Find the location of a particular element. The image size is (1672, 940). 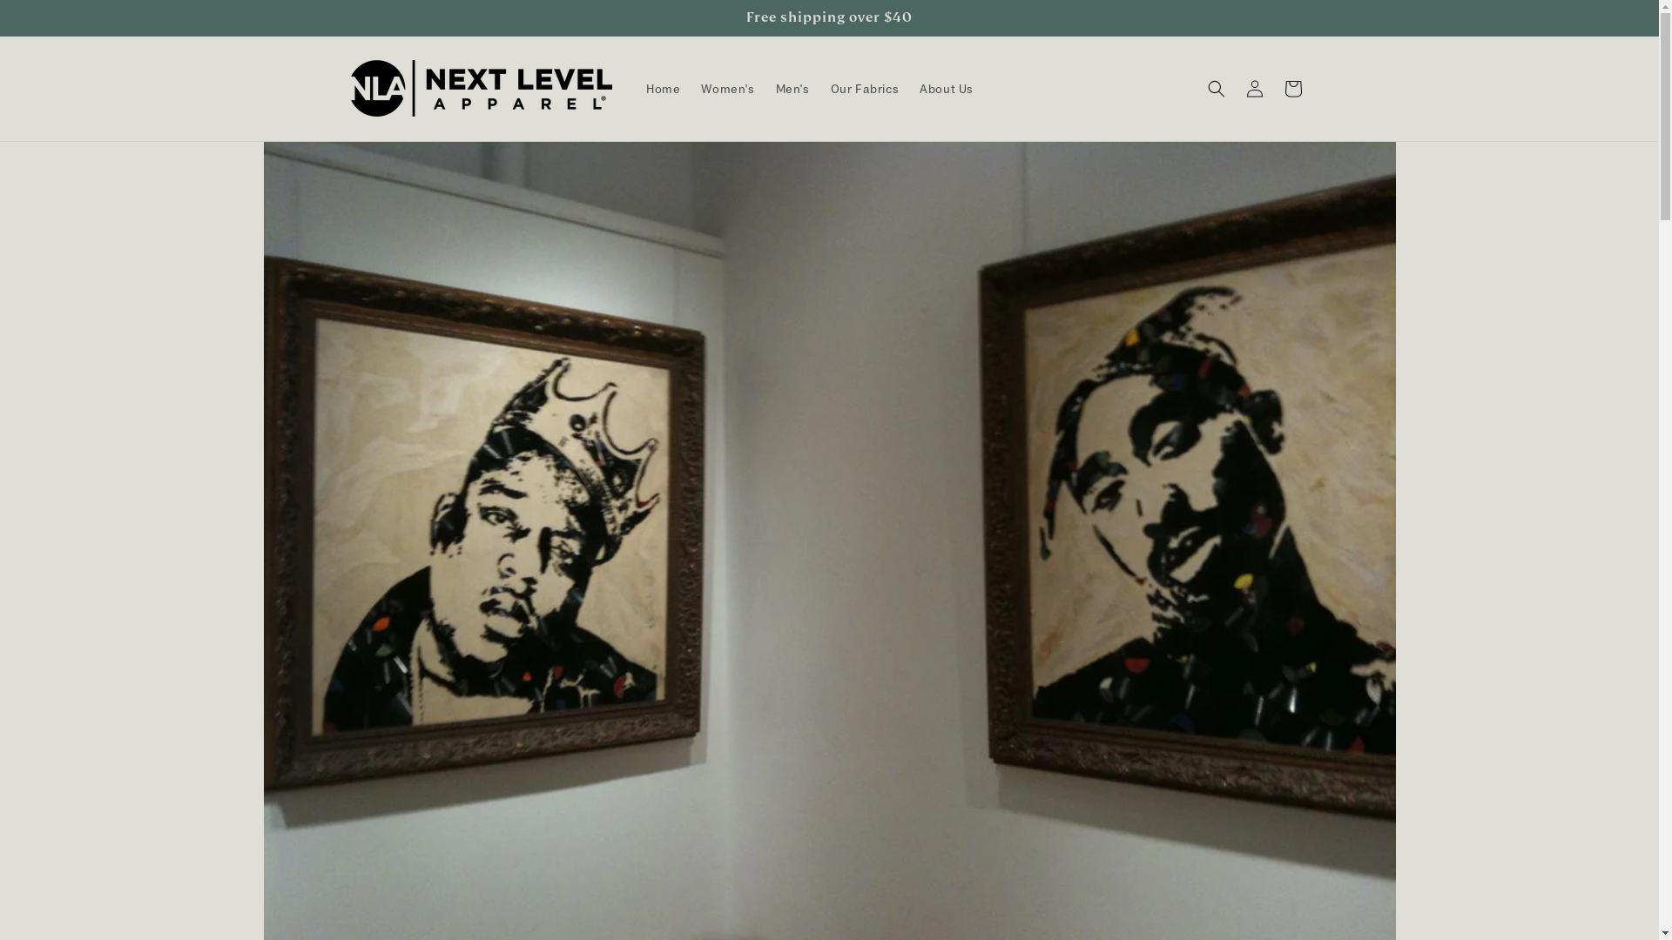

'Men's' is located at coordinates (792, 88).